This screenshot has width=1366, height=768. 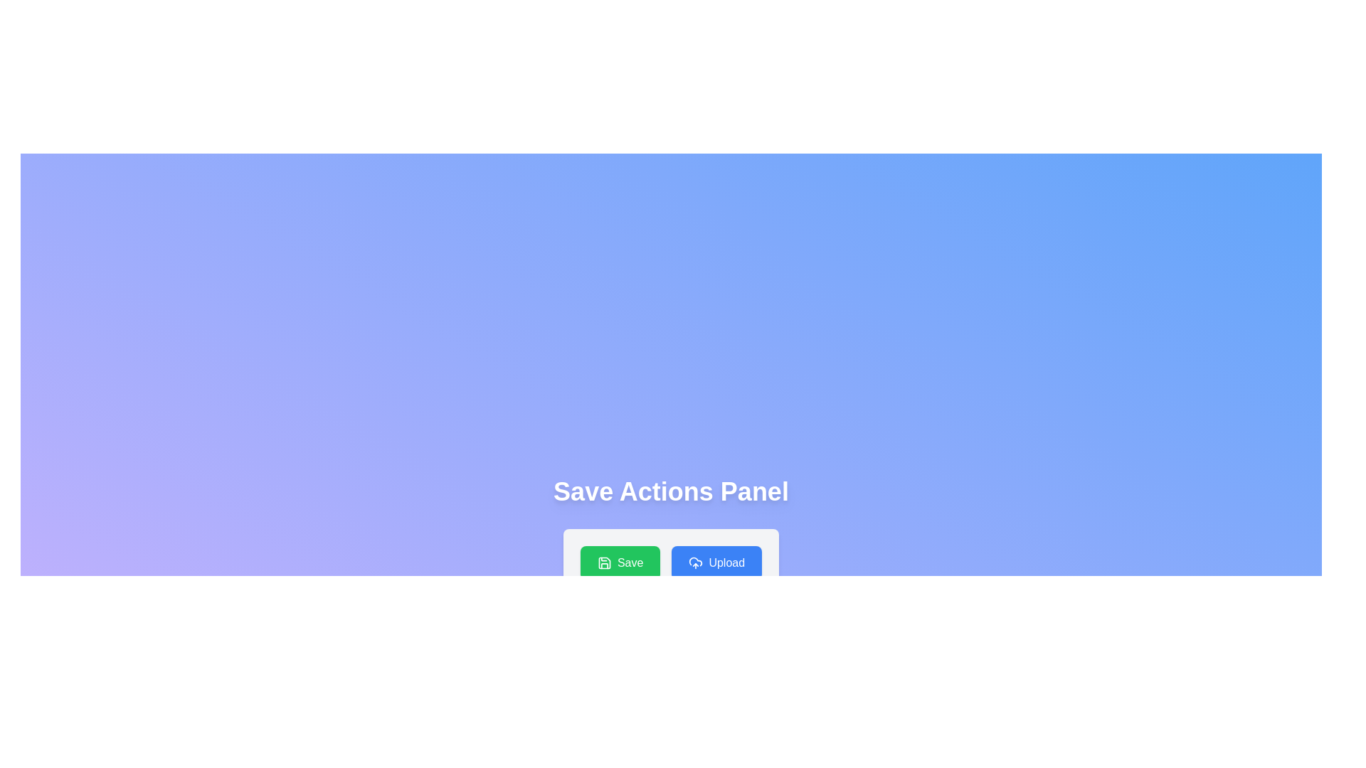 I want to click on the cloud upload icon within the 'Upload' button, which is styled with a simple flat design and located to the right of the 'Save' button in the main action panel, so click(x=696, y=561).